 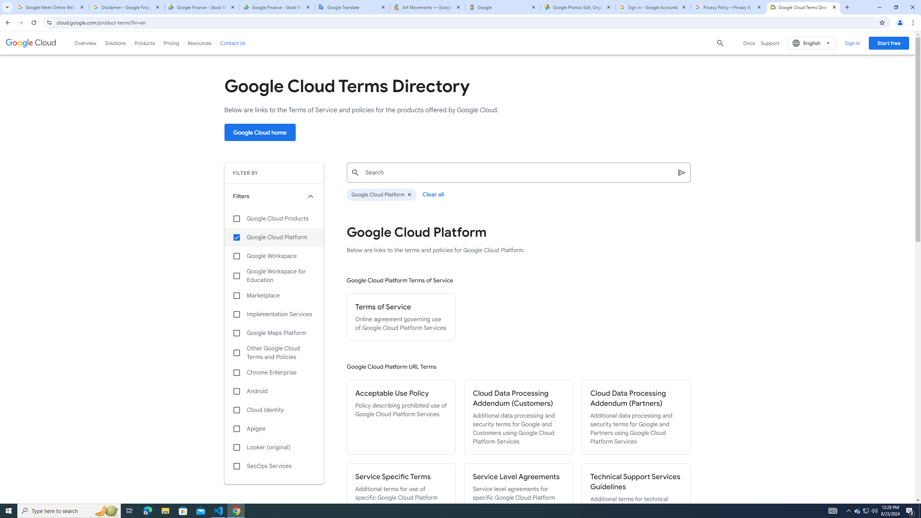 What do you see at coordinates (274, 256) in the screenshot?
I see `'Google Workspace'` at bounding box center [274, 256].